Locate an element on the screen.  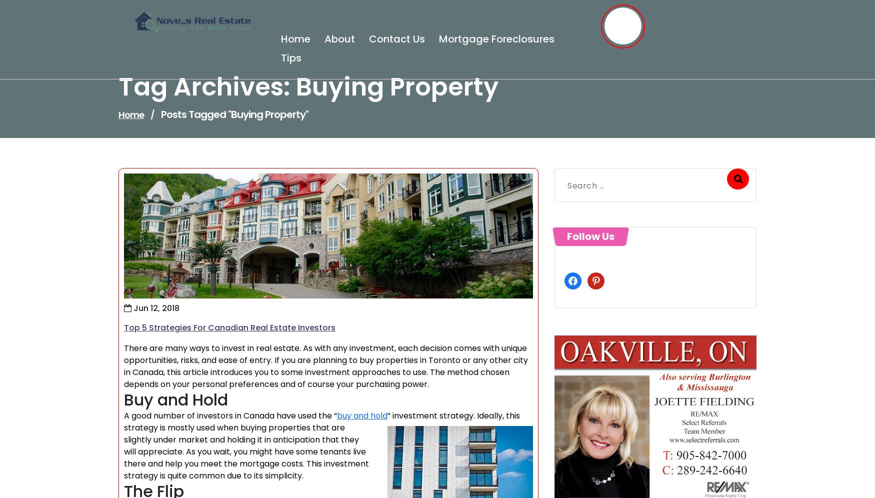
'Taxes' is located at coordinates (146, 220).